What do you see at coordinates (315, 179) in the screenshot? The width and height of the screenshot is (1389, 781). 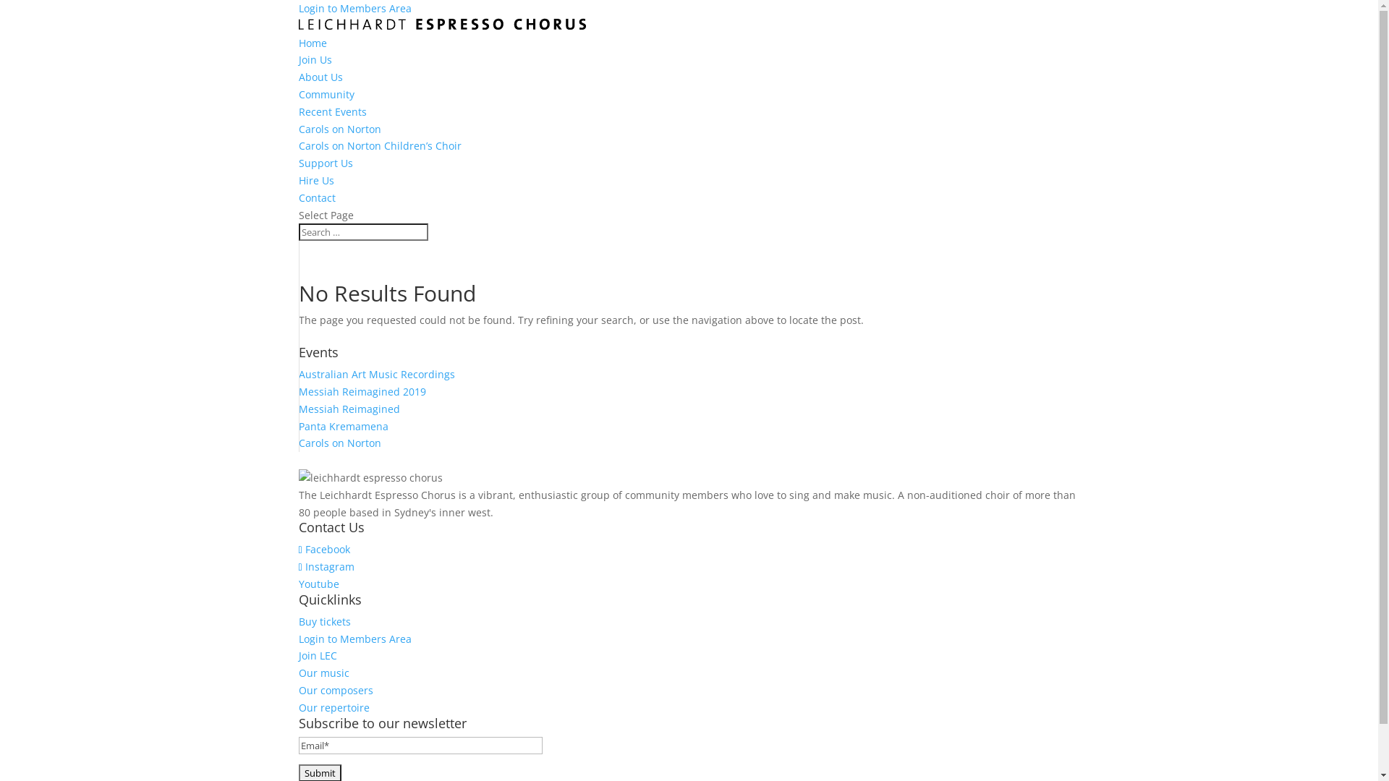 I see `'Hire Us'` at bounding box center [315, 179].